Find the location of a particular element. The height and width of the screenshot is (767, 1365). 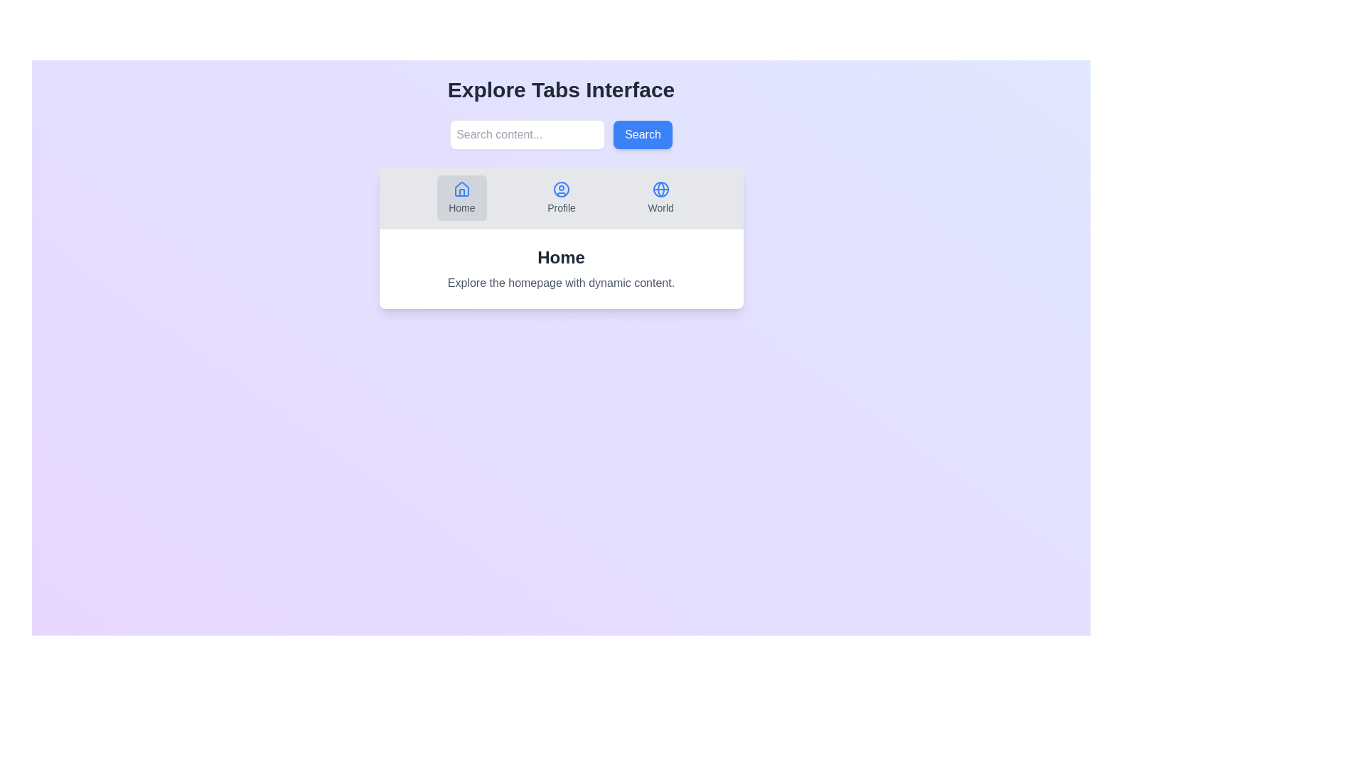

the Profile tab is located at coordinates (561, 197).